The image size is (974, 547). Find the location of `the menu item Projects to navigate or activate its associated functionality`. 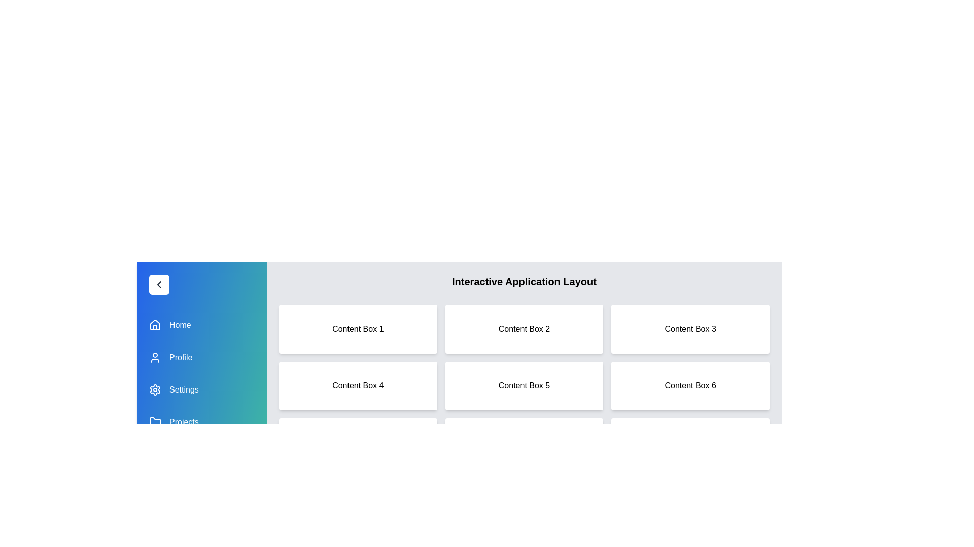

the menu item Projects to navigate or activate its associated functionality is located at coordinates (202, 422).